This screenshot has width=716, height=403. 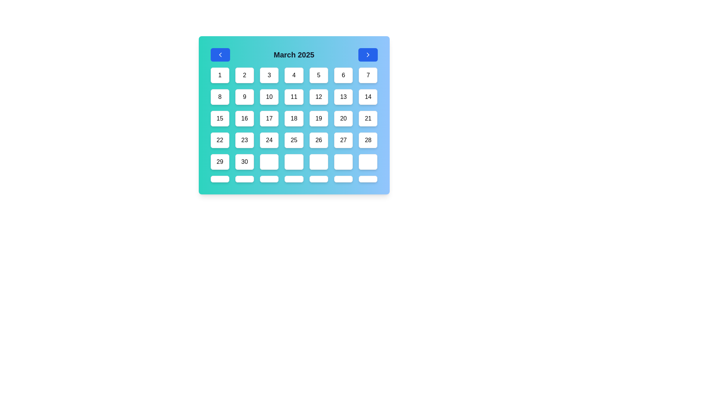 What do you see at coordinates (343, 162) in the screenshot?
I see `the empty grid cell in the seventh column of the last visible row of the grid titled 'March 2025'` at bounding box center [343, 162].